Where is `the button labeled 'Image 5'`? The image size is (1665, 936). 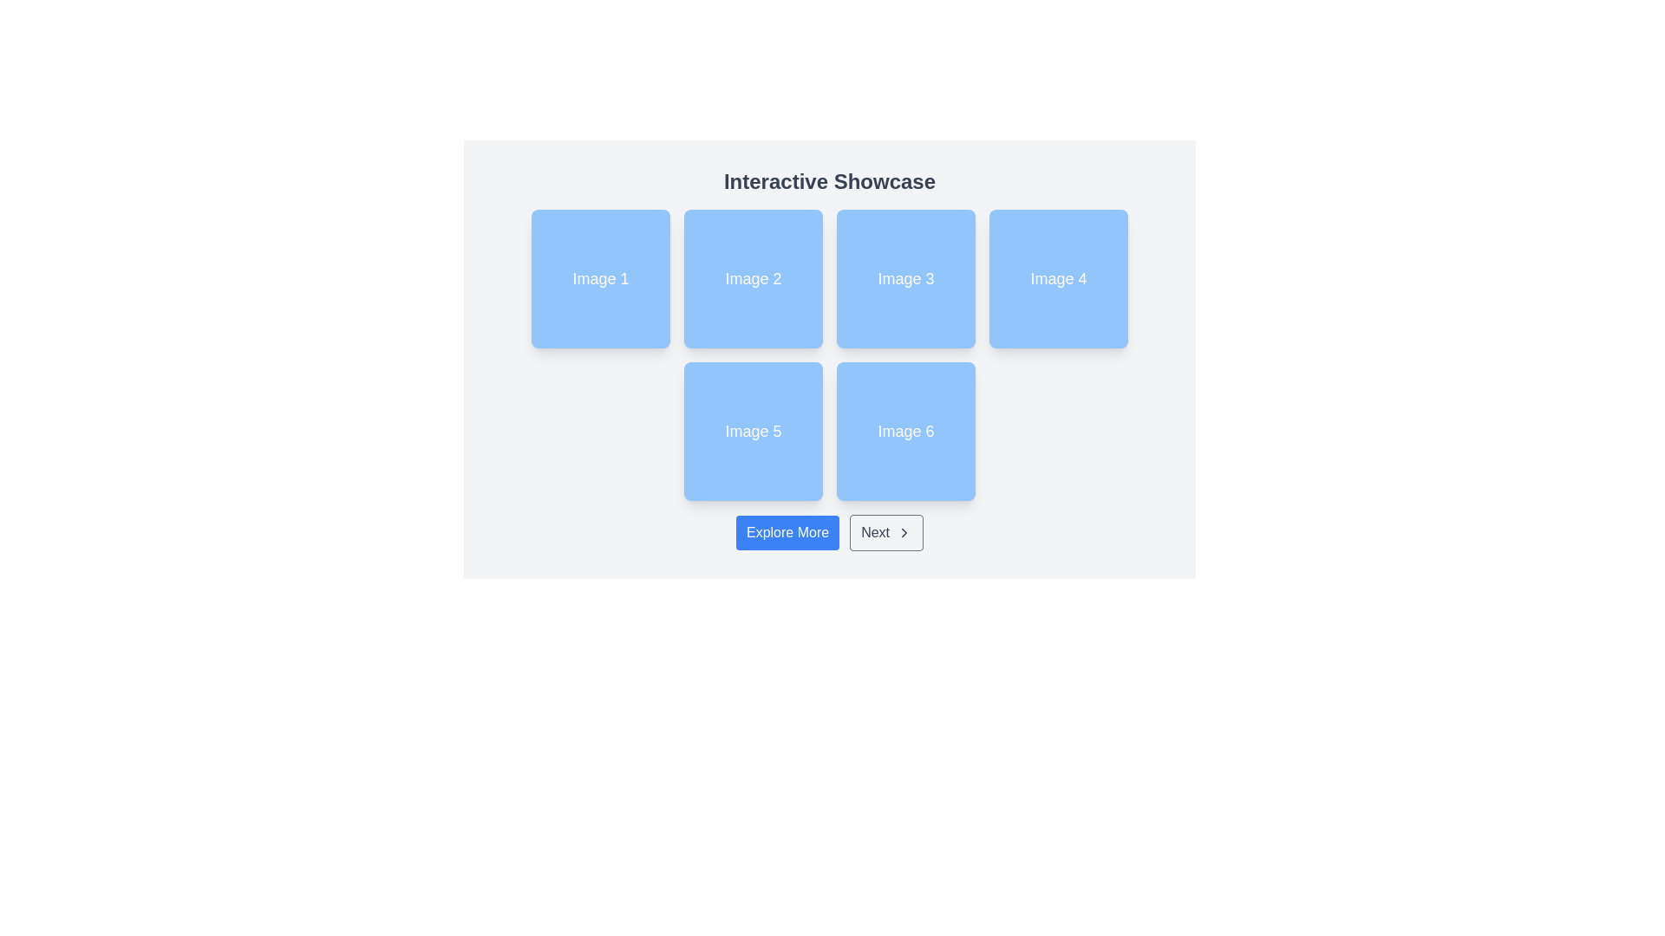
the button labeled 'Image 5' is located at coordinates (753, 430).